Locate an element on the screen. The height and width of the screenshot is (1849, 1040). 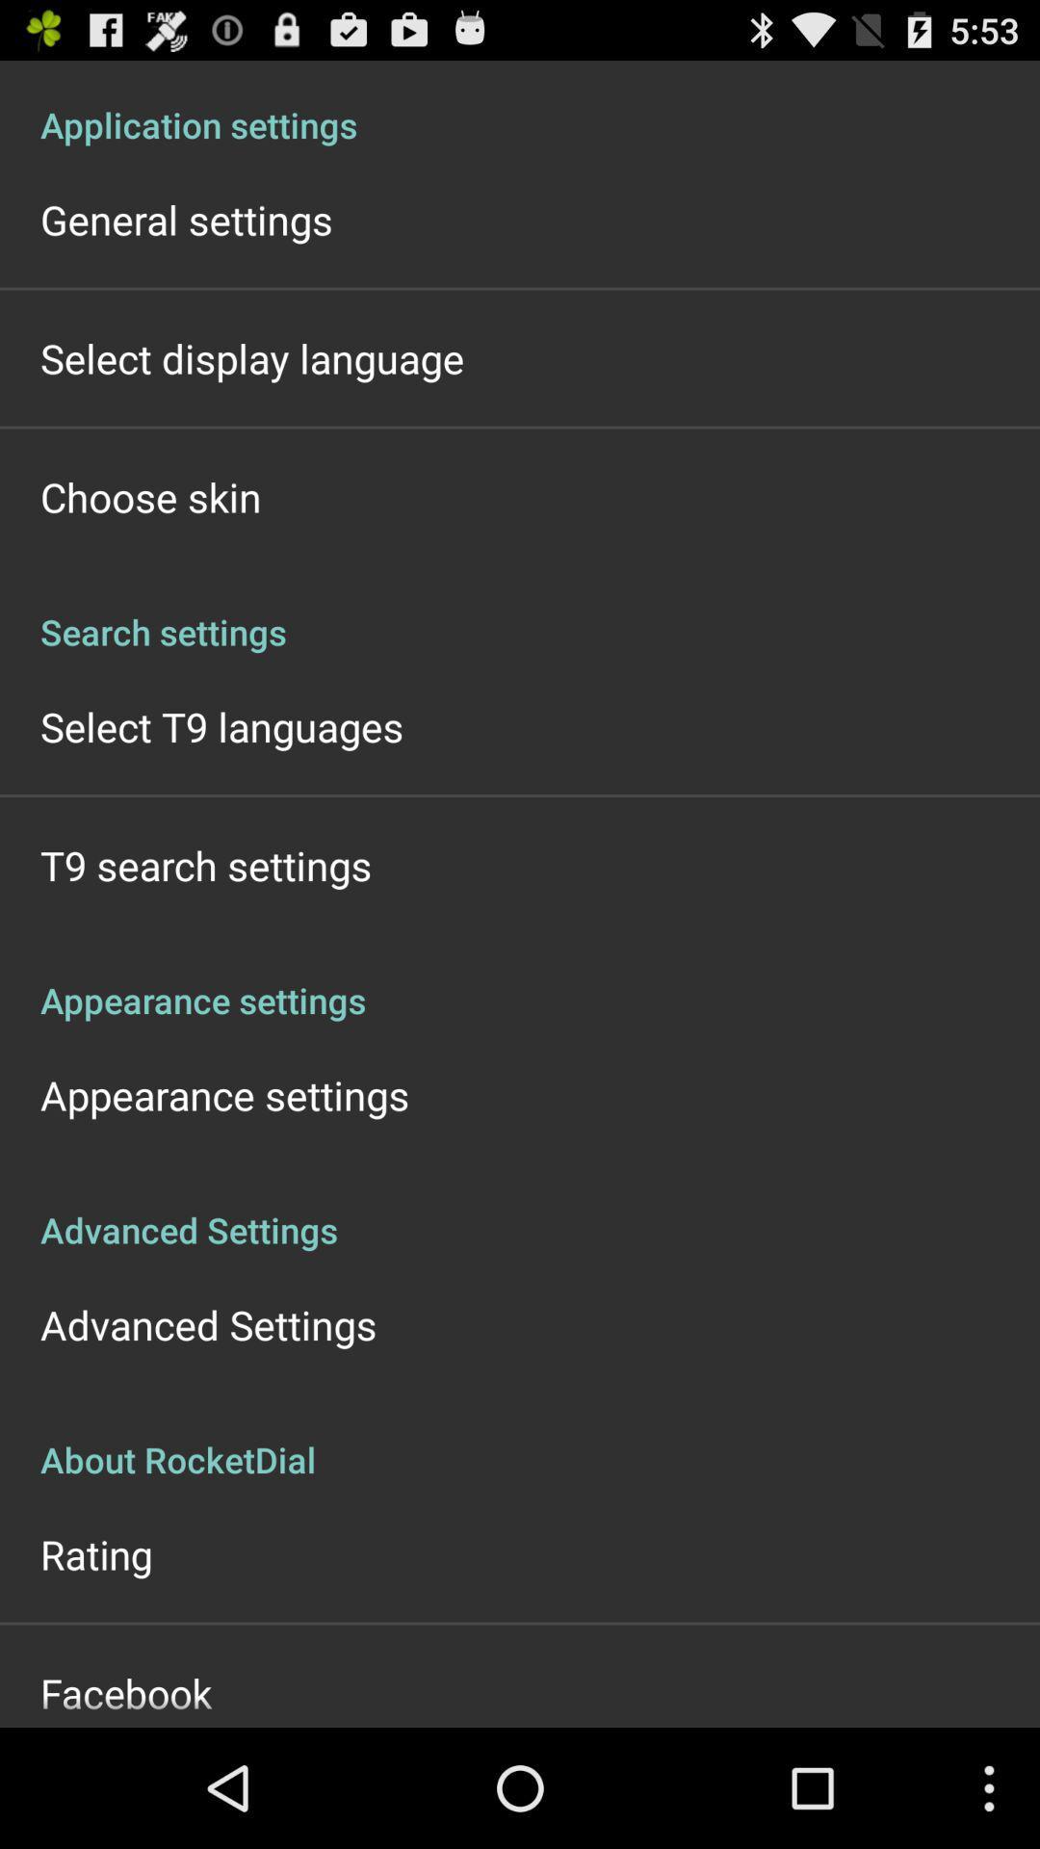
app below the about rocketdial is located at coordinates (96, 1553).